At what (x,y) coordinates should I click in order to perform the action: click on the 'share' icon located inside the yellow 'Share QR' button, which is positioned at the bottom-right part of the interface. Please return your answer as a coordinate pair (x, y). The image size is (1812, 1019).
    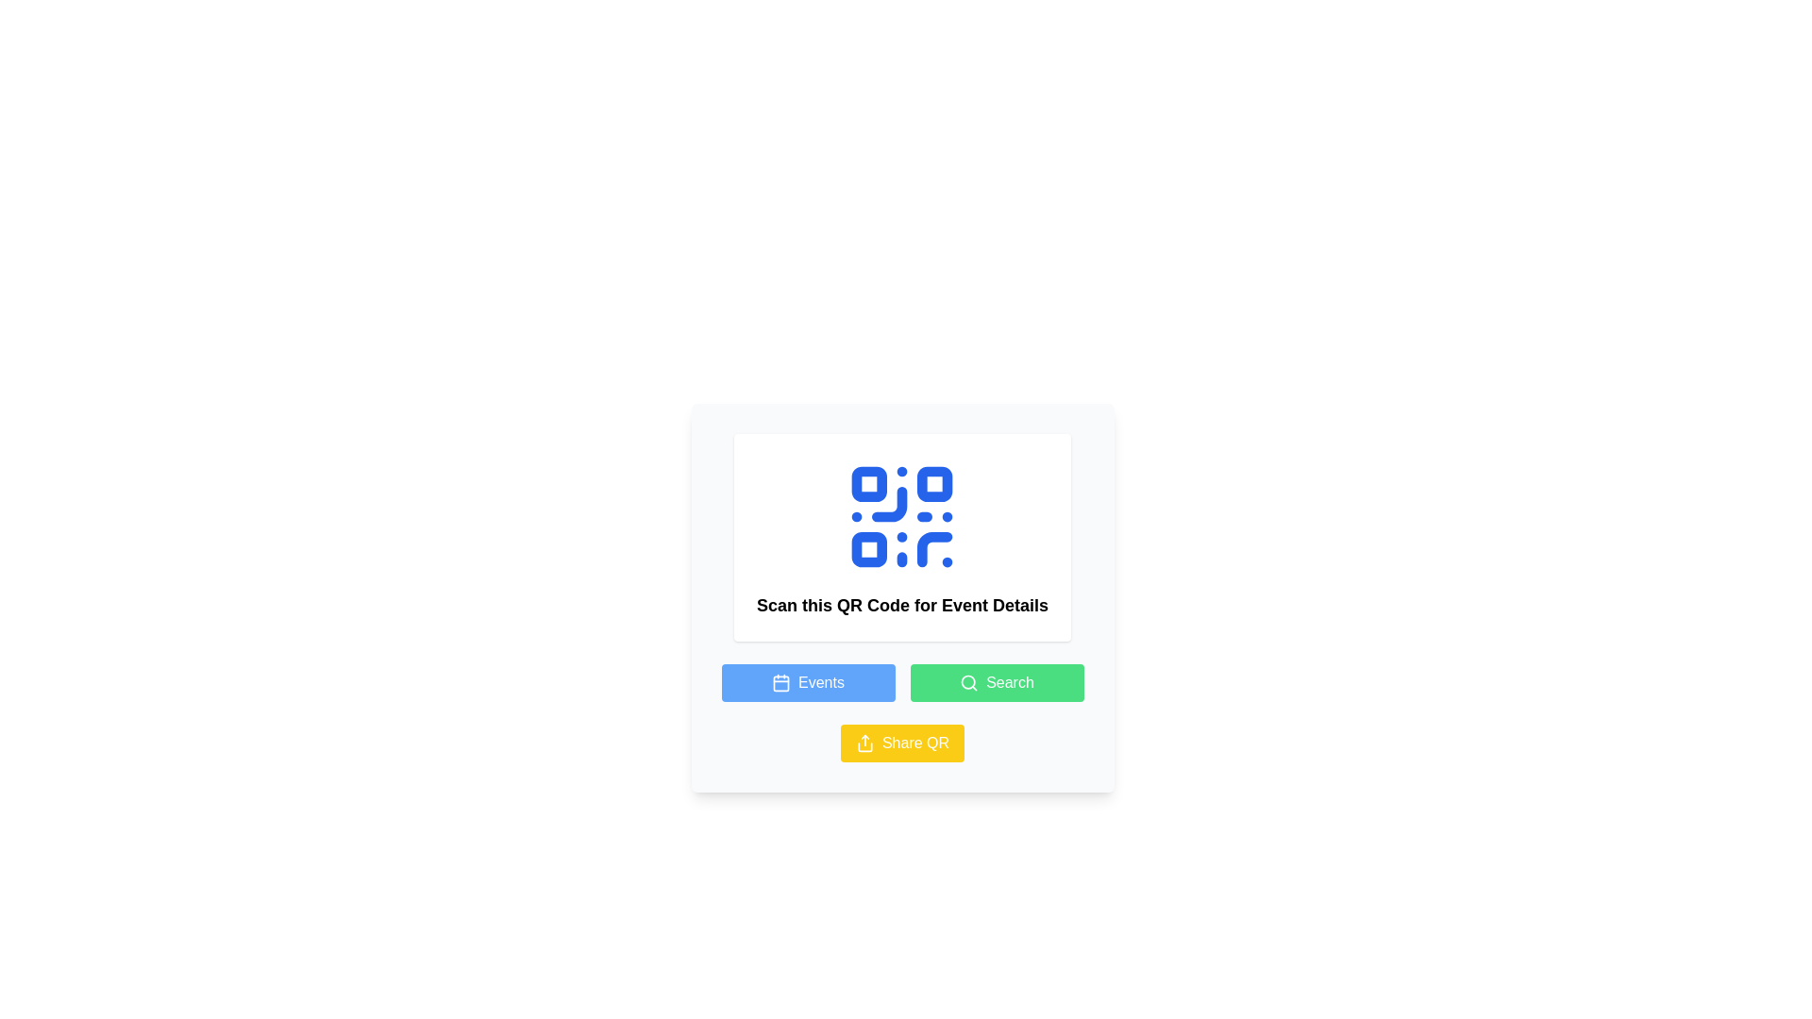
    Looking at the image, I should click on (864, 742).